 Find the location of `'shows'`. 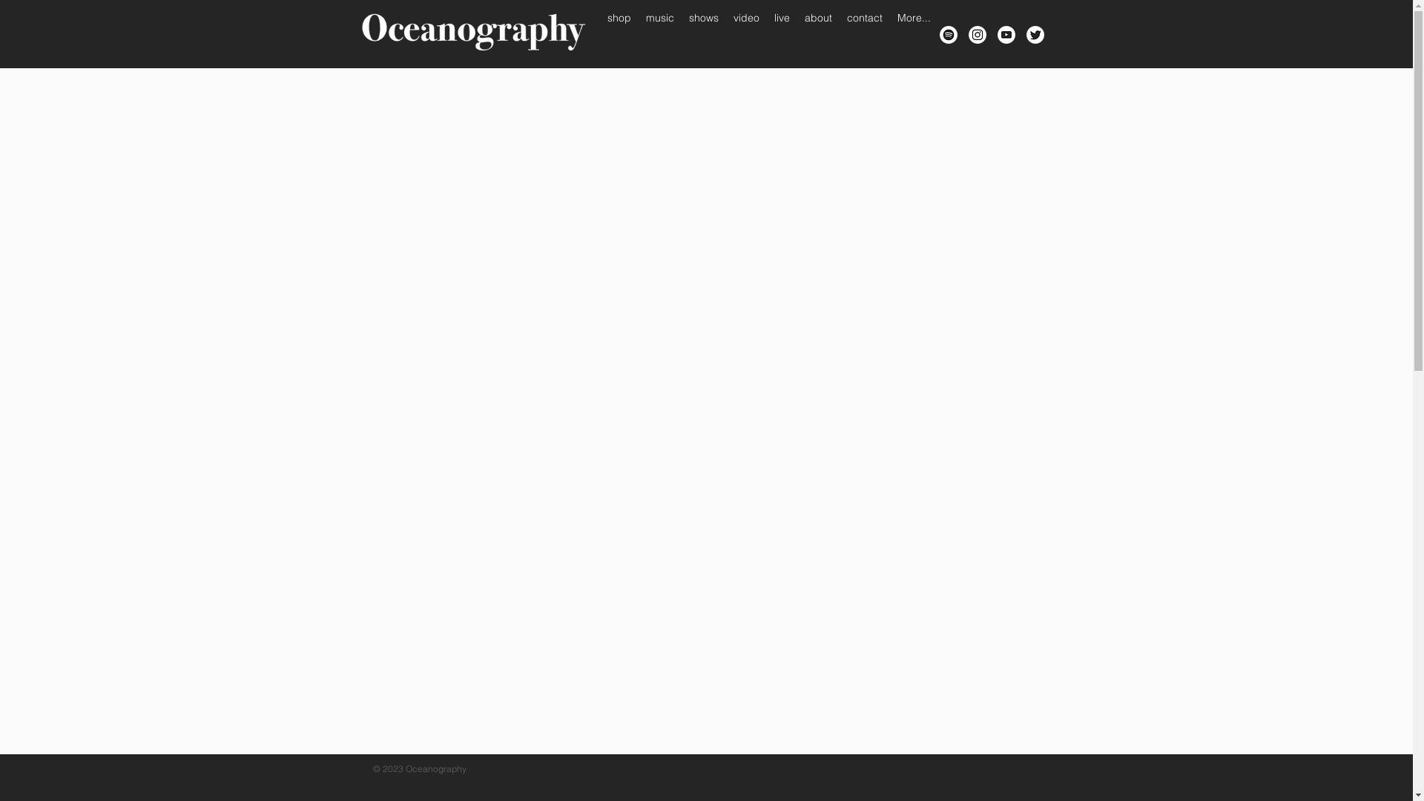

'shows' is located at coordinates (702, 33).